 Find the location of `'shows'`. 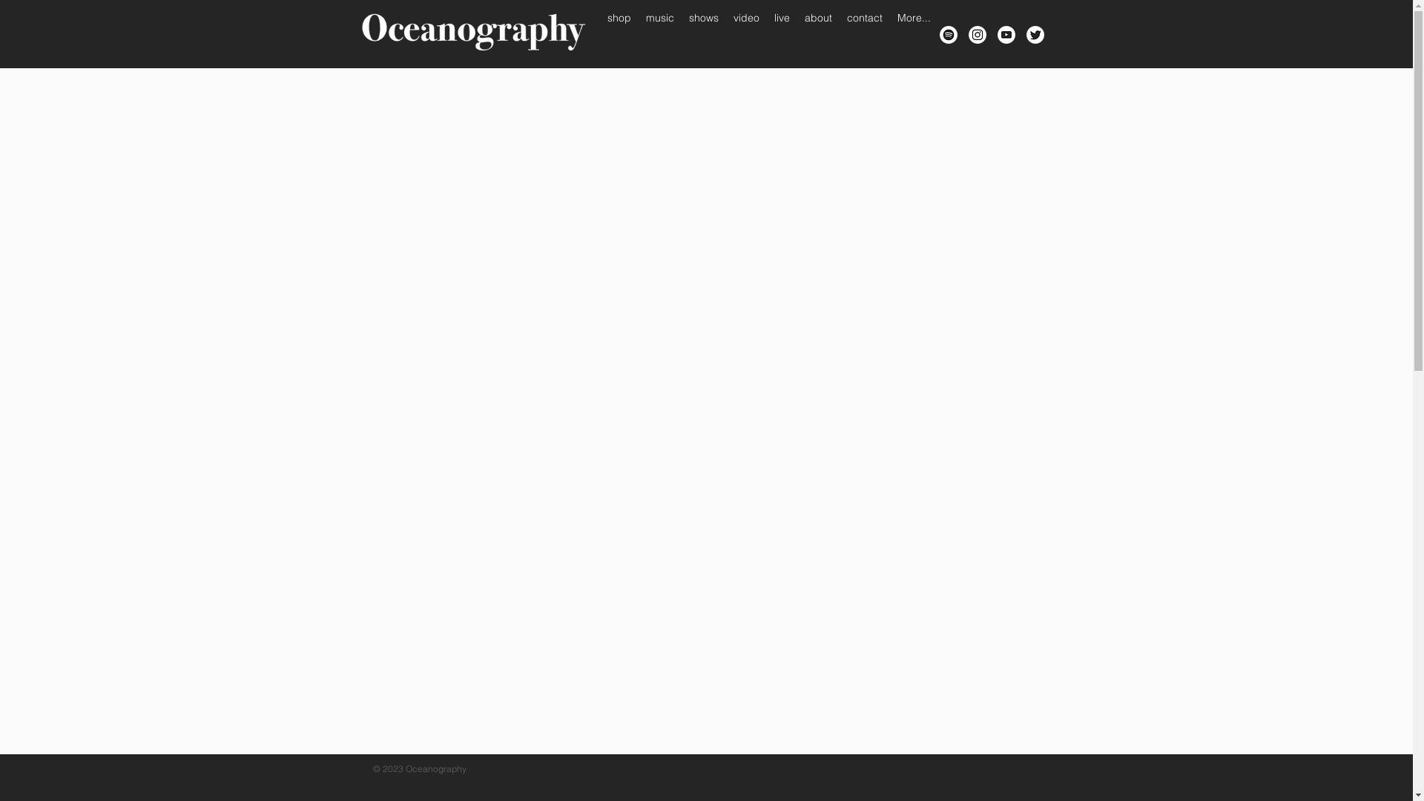

'shows' is located at coordinates (702, 33).